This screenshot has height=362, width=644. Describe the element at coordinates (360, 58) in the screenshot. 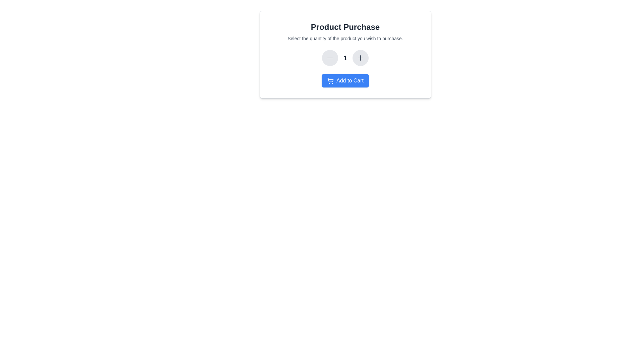

I see `the plus icon button, which is a circular button located to the far right of the quantity display` at that location.